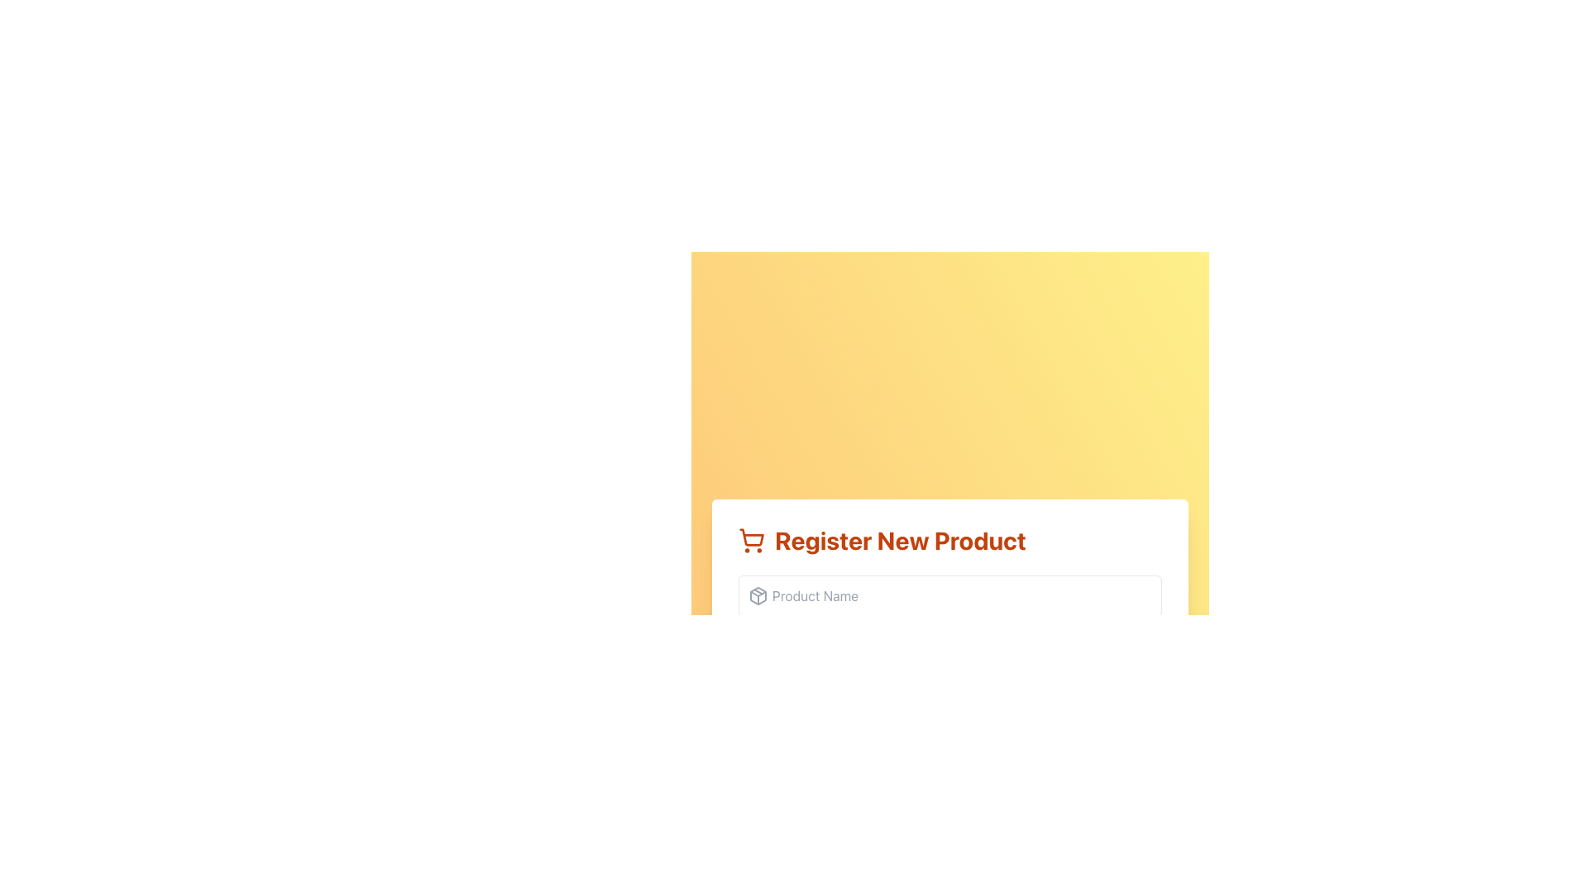 This screenshot has width=1588, height=893. Describe the element at coordinates (757, 595) in the screenshot. I see `the gray-colored package icon located to the left of the 'Product Name' input field in the 'Register New Product' form` at that location.